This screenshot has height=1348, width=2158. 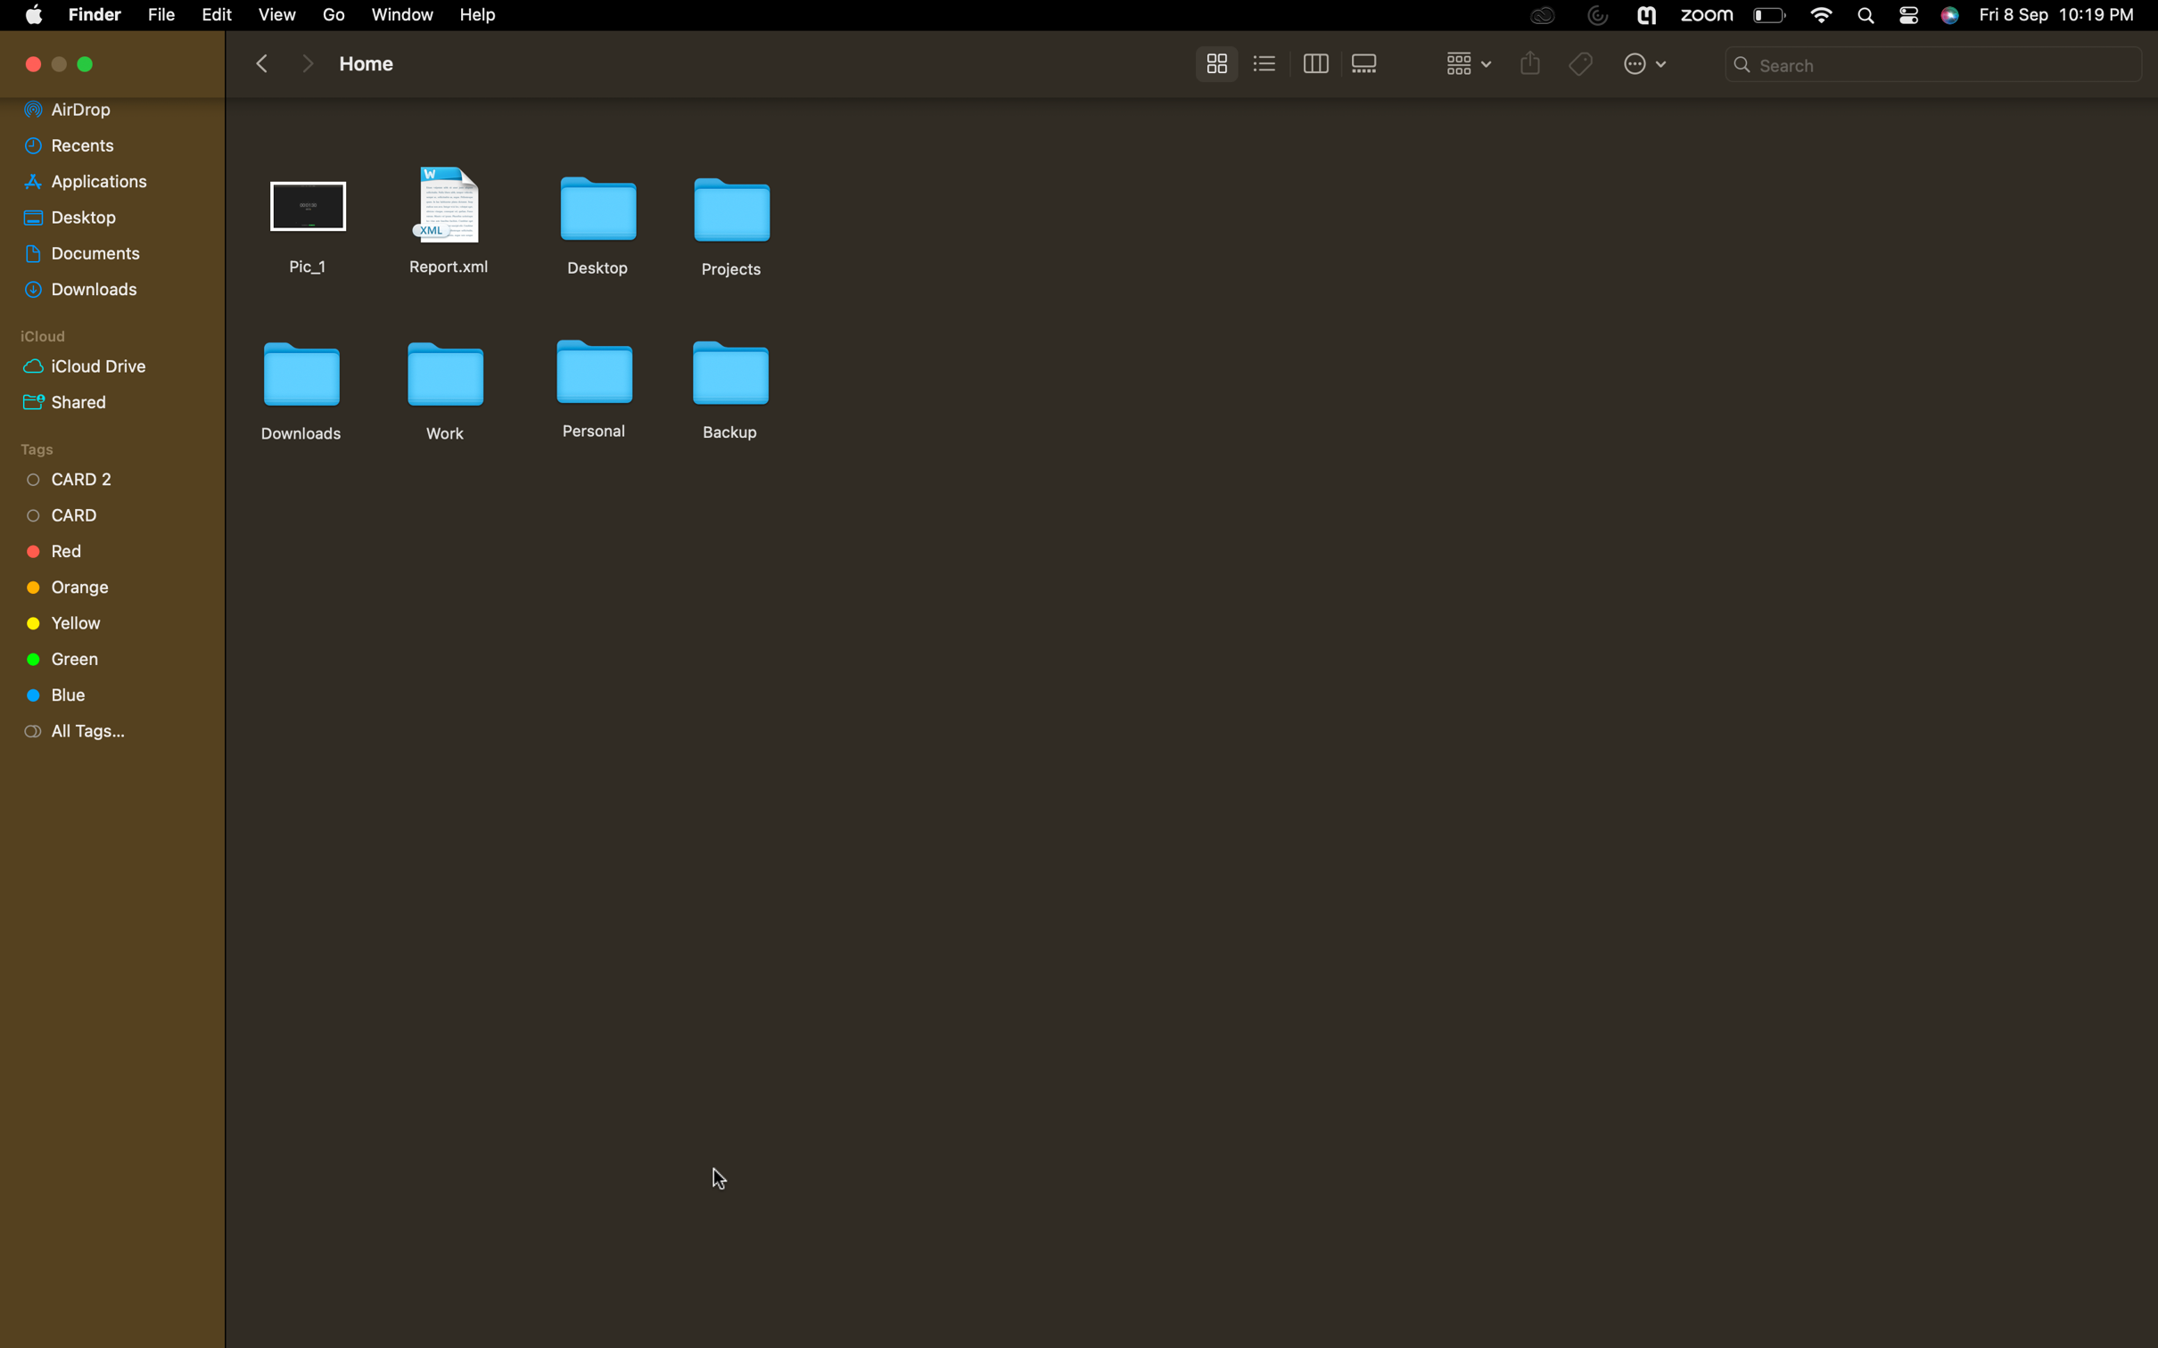 What do you see at coordinates (730, 386) in the screenshot?
I see `Make a duplicate of the folder named "backup"` at bounding box center [730, 386].